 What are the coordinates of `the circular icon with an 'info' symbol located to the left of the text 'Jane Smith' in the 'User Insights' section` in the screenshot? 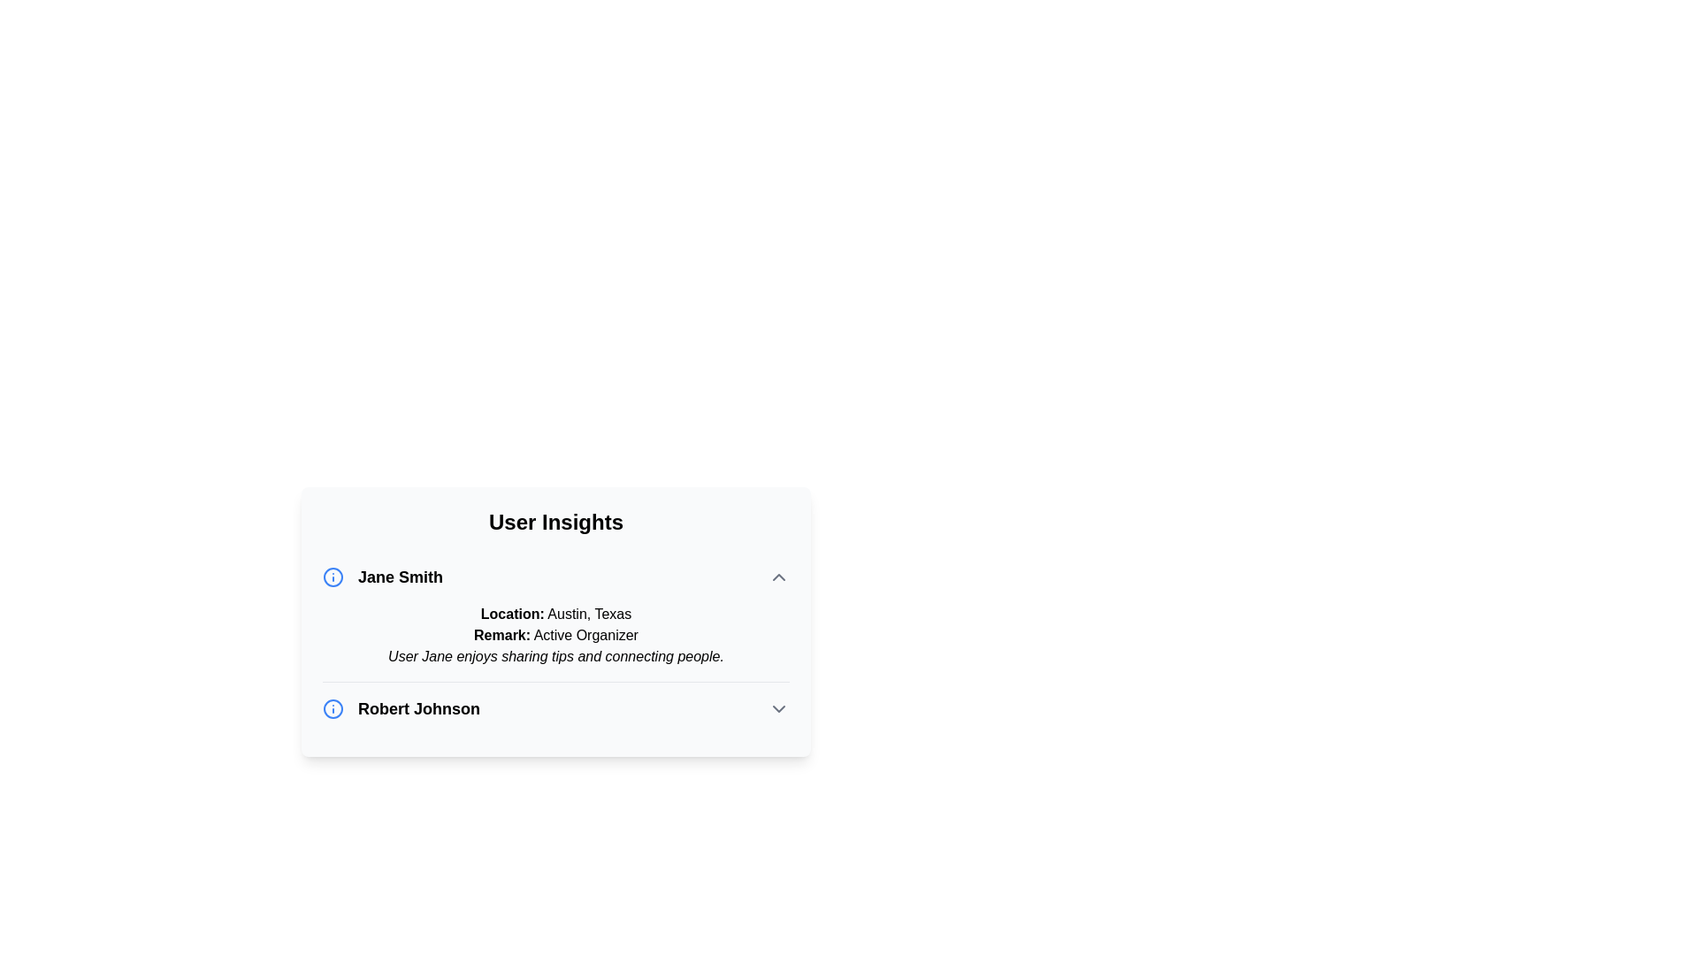 It's located at (333, 577).